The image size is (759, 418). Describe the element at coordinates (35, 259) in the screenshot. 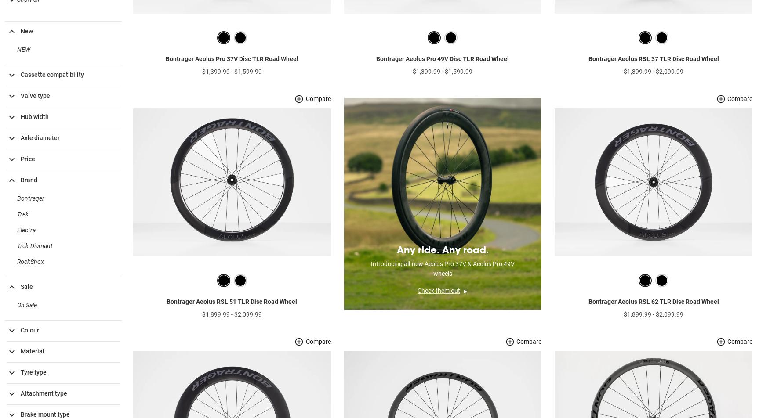

I see `'Trek-Diamant'` at that location.